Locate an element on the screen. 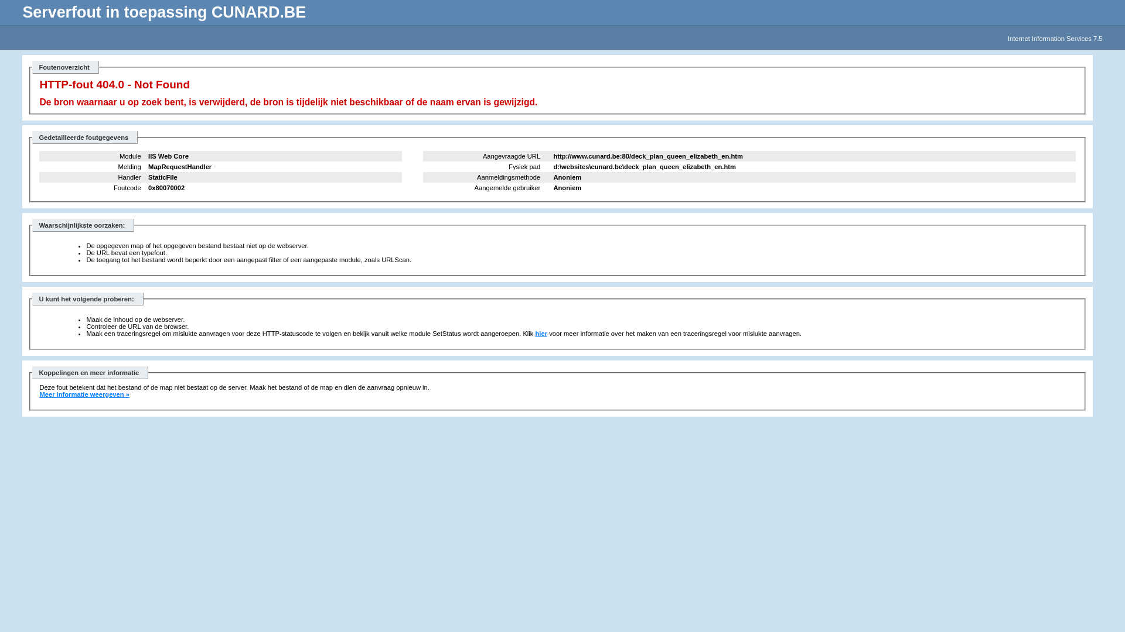 Image resolution: width=1125 pixels, height=632 pixels. 'hier' is located at coordinates (541, 334).